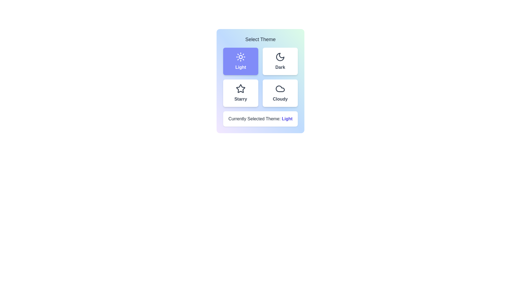  What do you see at coordinates (241, 93) in the screenshot?
I see `the theme button corresponding to Starry` at bounding box center [241, 93].